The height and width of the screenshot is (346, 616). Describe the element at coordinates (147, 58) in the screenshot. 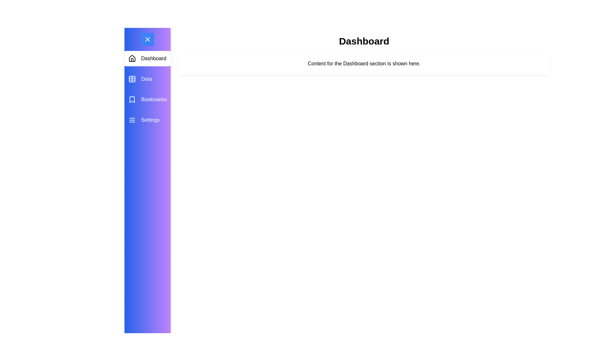

I see `the menu item Dashboard from the drawer` at that location.